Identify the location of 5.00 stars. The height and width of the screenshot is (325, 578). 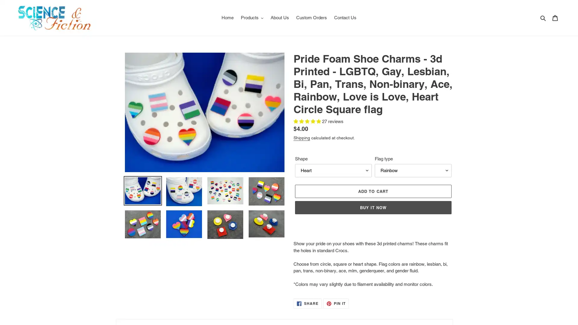
(308, 121).